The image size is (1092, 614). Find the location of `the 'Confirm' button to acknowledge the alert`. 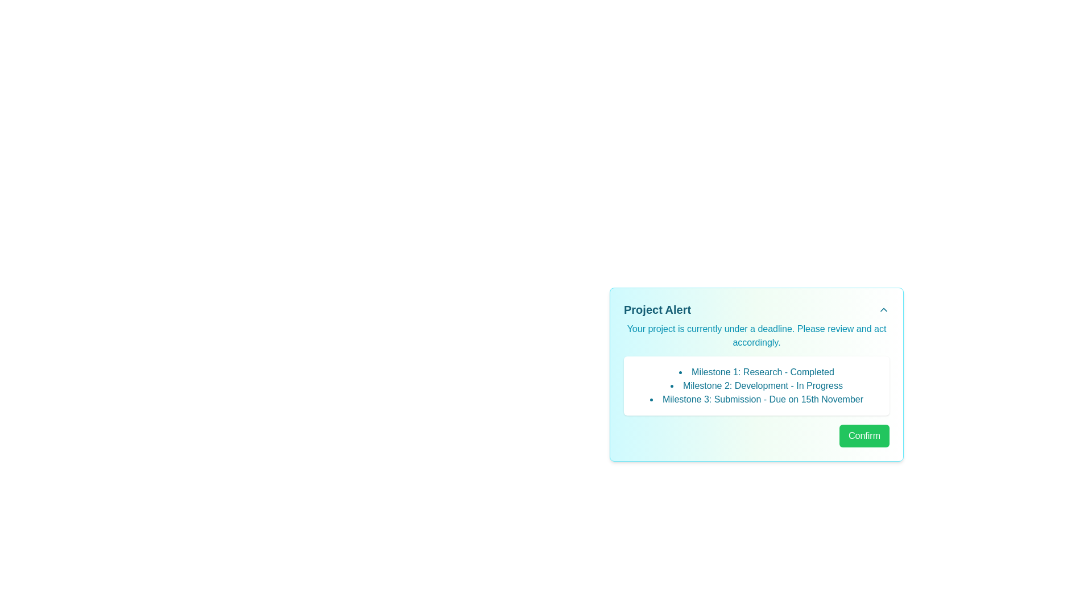

the 'Confirm' button to acknowledge the alert is located at coordinates (864, 435).